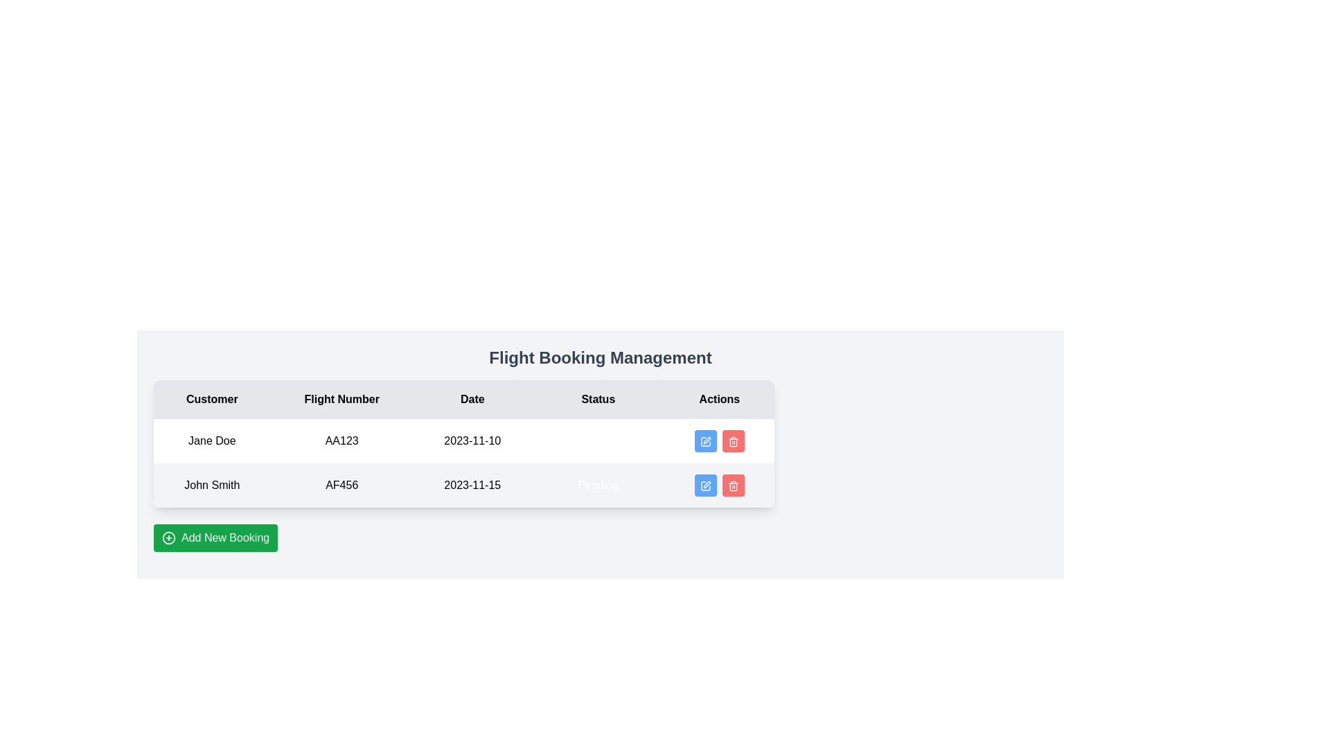  I want to click on the editing button for the booking details of 'John Smith', so click(705, 441).